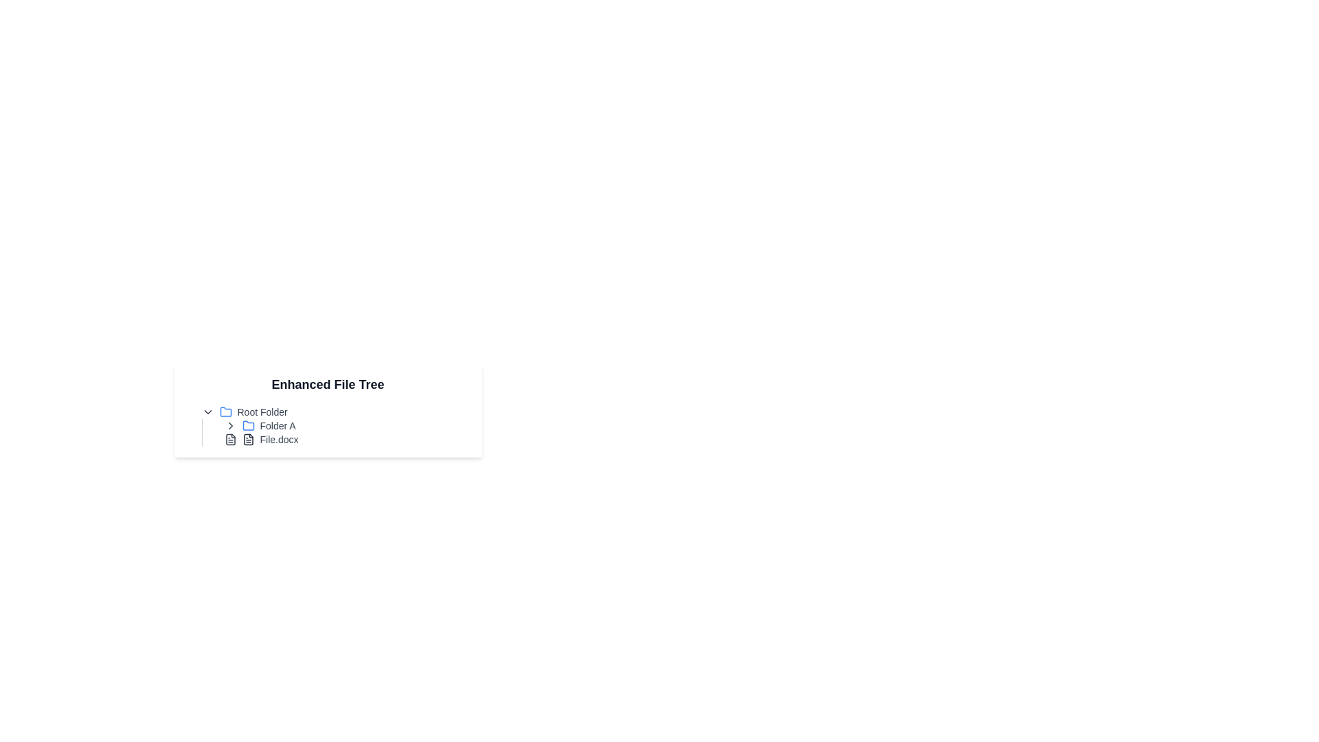  What do you see at coordinates (262, 412) in the screenshot?
I see `the static text label representing the root directory in the file navigation system, located beneath the title 'Enhanced File Tree'` at bounding box center [262, 412].